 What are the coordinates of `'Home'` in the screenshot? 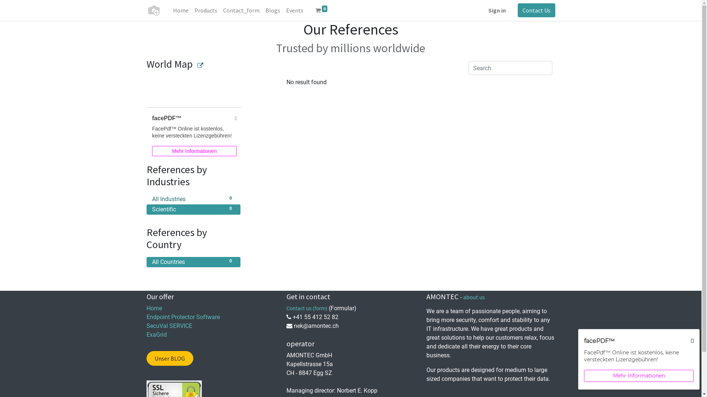 It's located at (154, 308).